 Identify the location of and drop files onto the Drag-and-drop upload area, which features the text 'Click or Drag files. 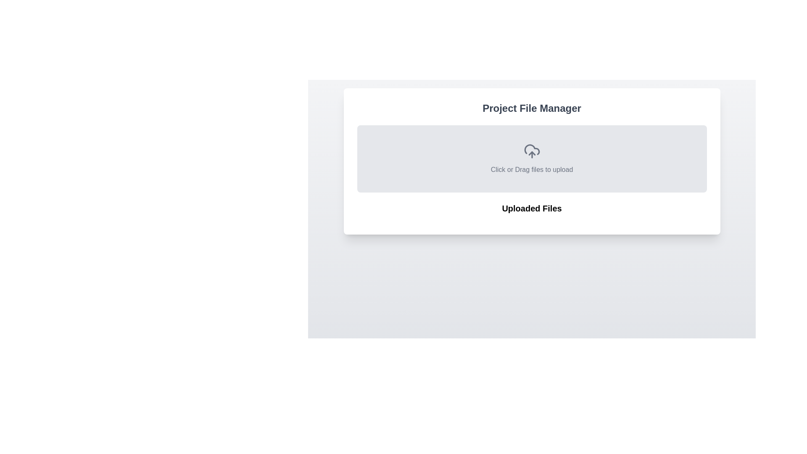
(531, 161).